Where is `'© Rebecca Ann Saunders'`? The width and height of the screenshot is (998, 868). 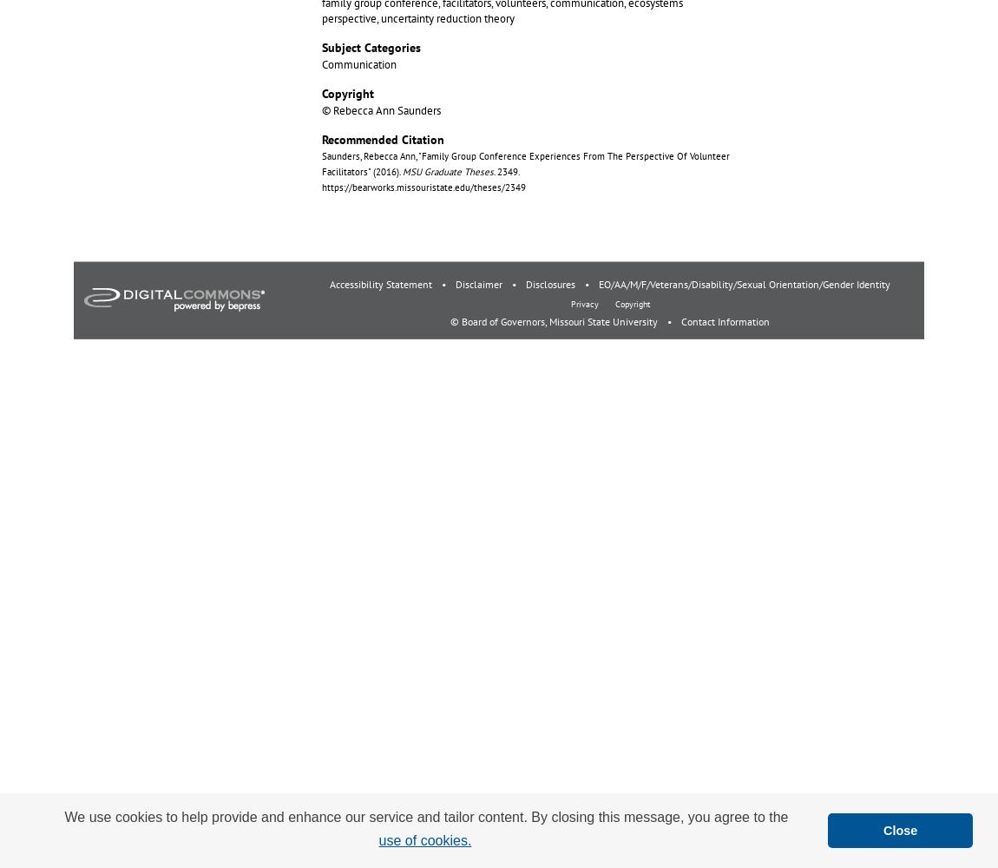
'© Rebecca Ann Saunders' is located at coordinates (381, 109).